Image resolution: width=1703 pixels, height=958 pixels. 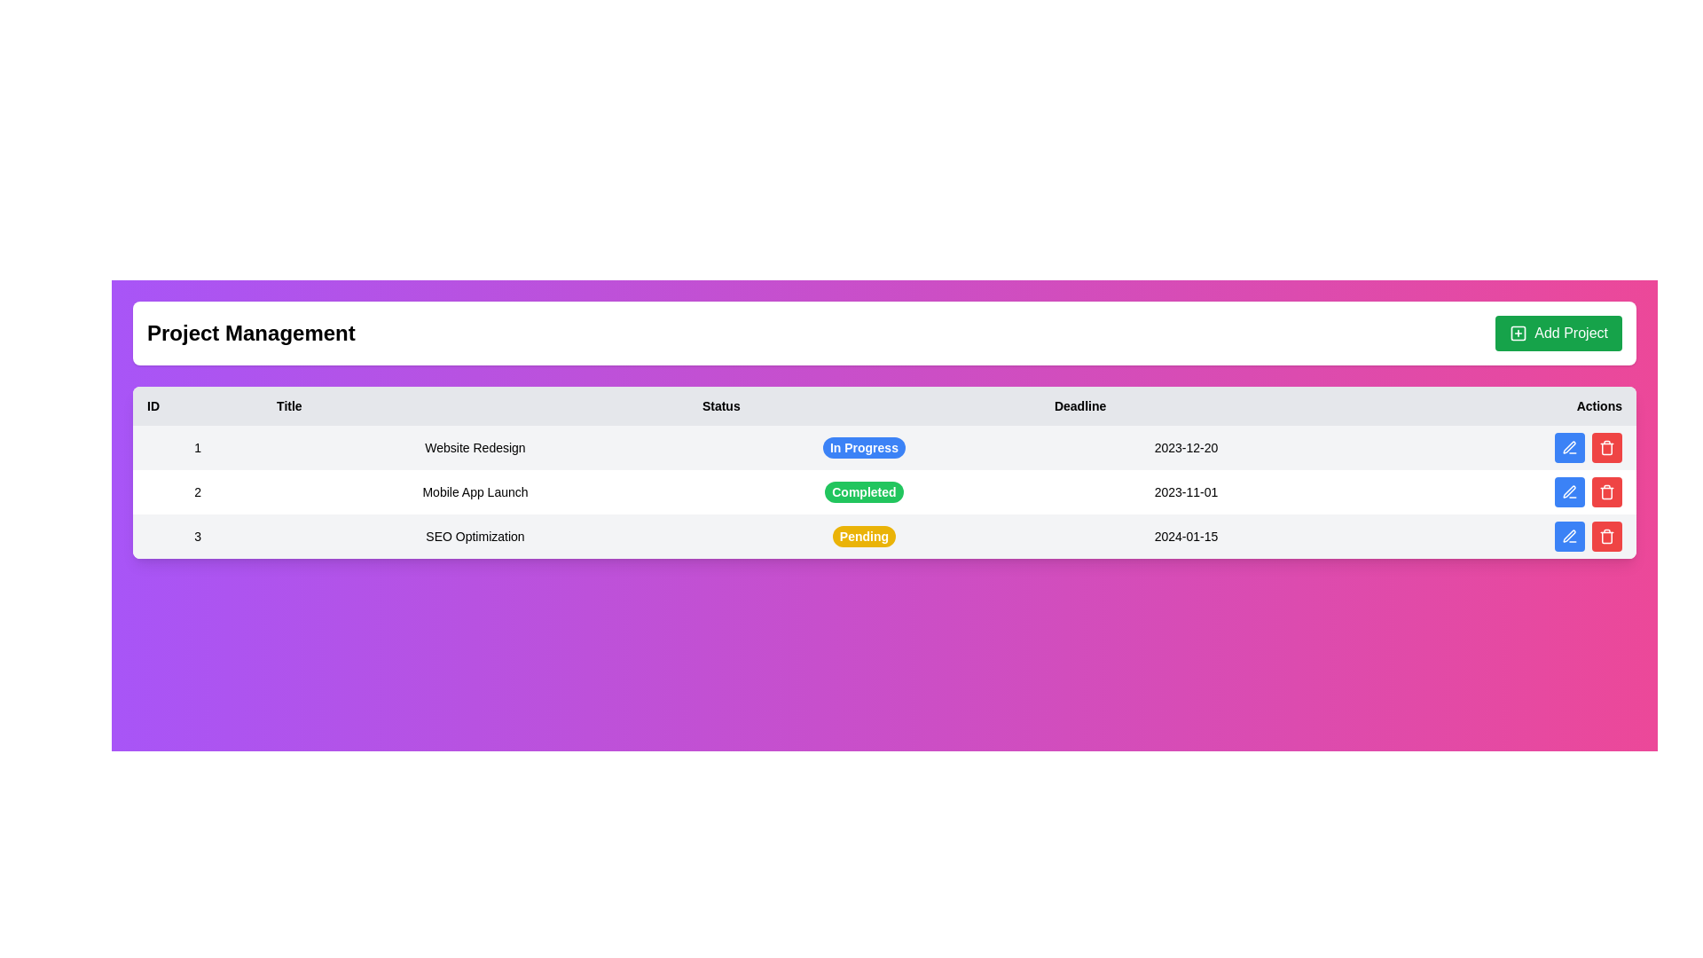 I want to click on the edit icon (SVG) in the third row of the table under the 'Actions' column to initiate the edit action, so click(x=1569, y=446).